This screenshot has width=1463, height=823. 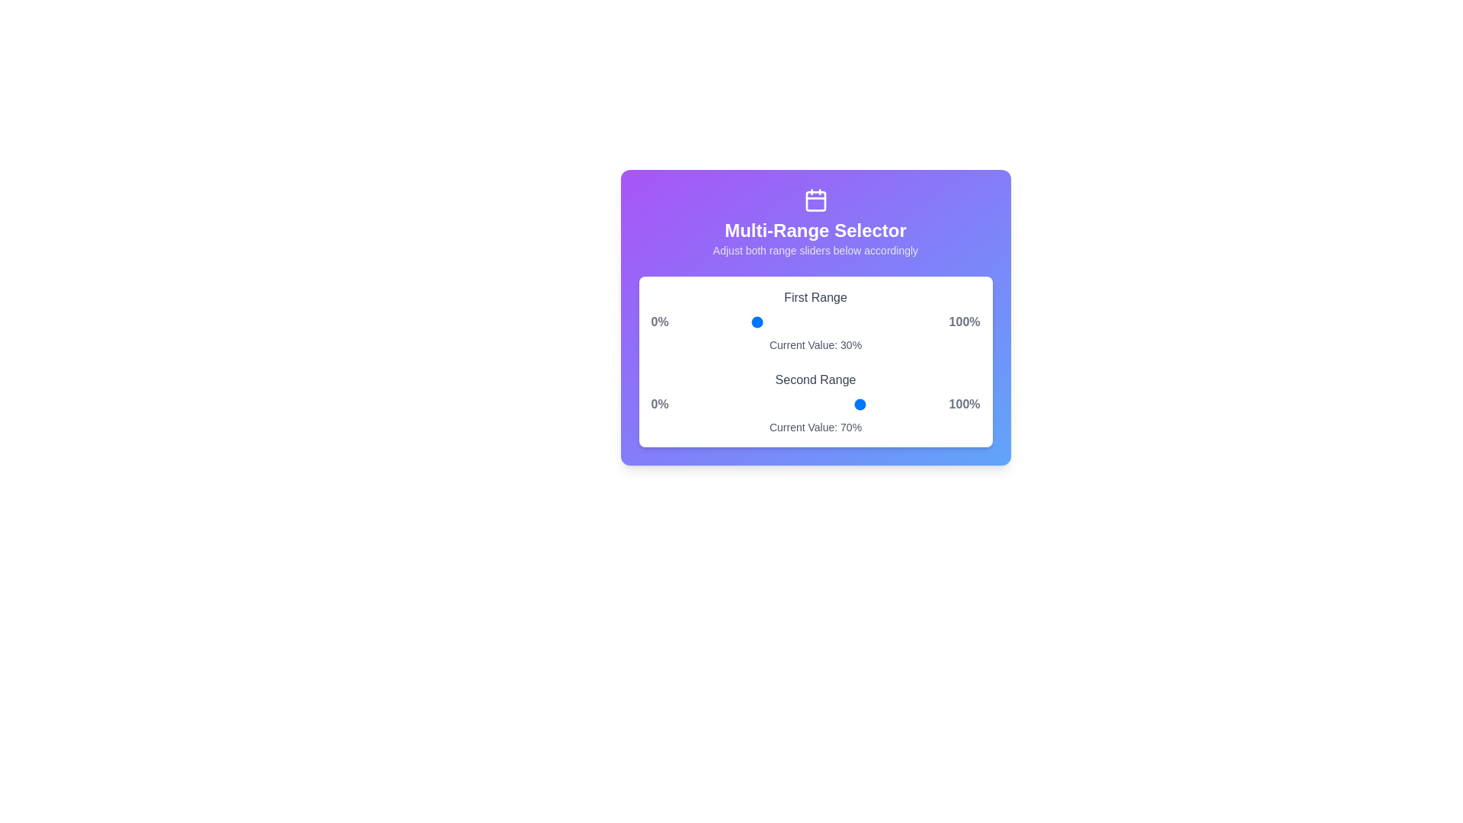 I want to click on the prominently styled header text 'Multi-Range Selector' for potential context menu or copy action, so click(x=815, y=231).